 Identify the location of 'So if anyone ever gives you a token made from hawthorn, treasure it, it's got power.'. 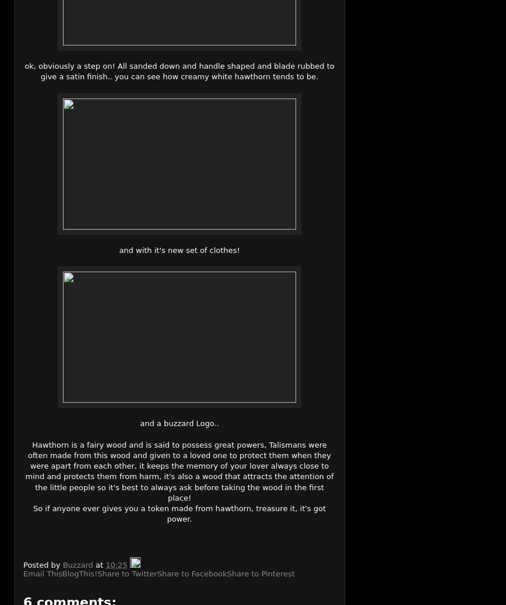
(179, 513).